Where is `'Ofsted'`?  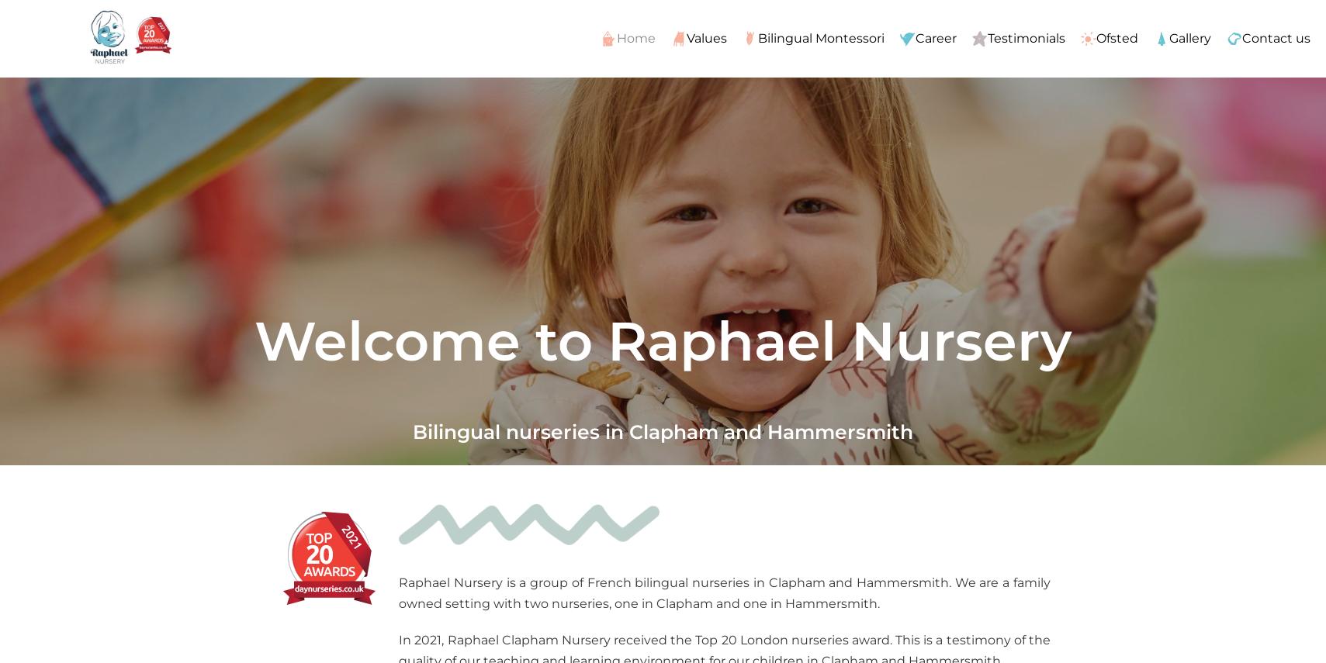 'Ofsted' is located at coordinates (1116, 36).